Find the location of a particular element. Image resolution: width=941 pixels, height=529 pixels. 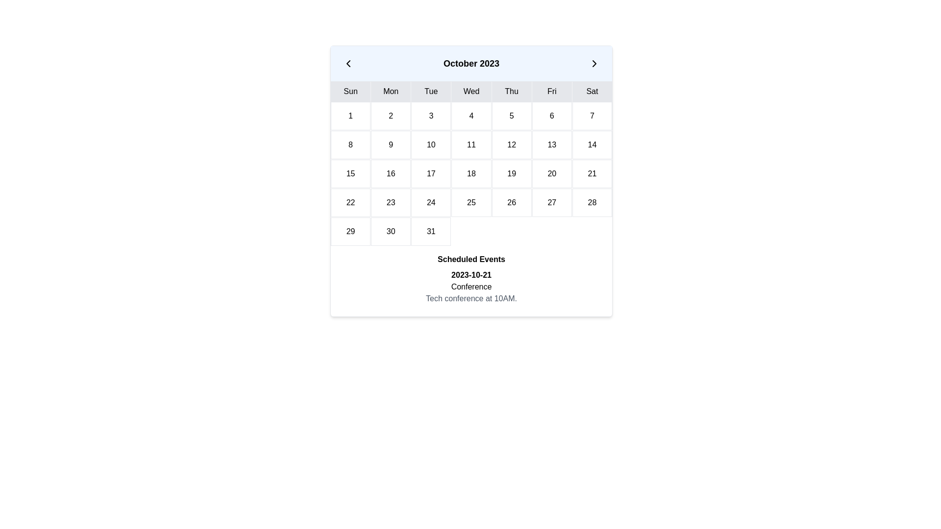

the calendar date label '28' that represents a Saturday in the fourth row and seventh column of the monthly calendar view is located at coordinates (592, 202).